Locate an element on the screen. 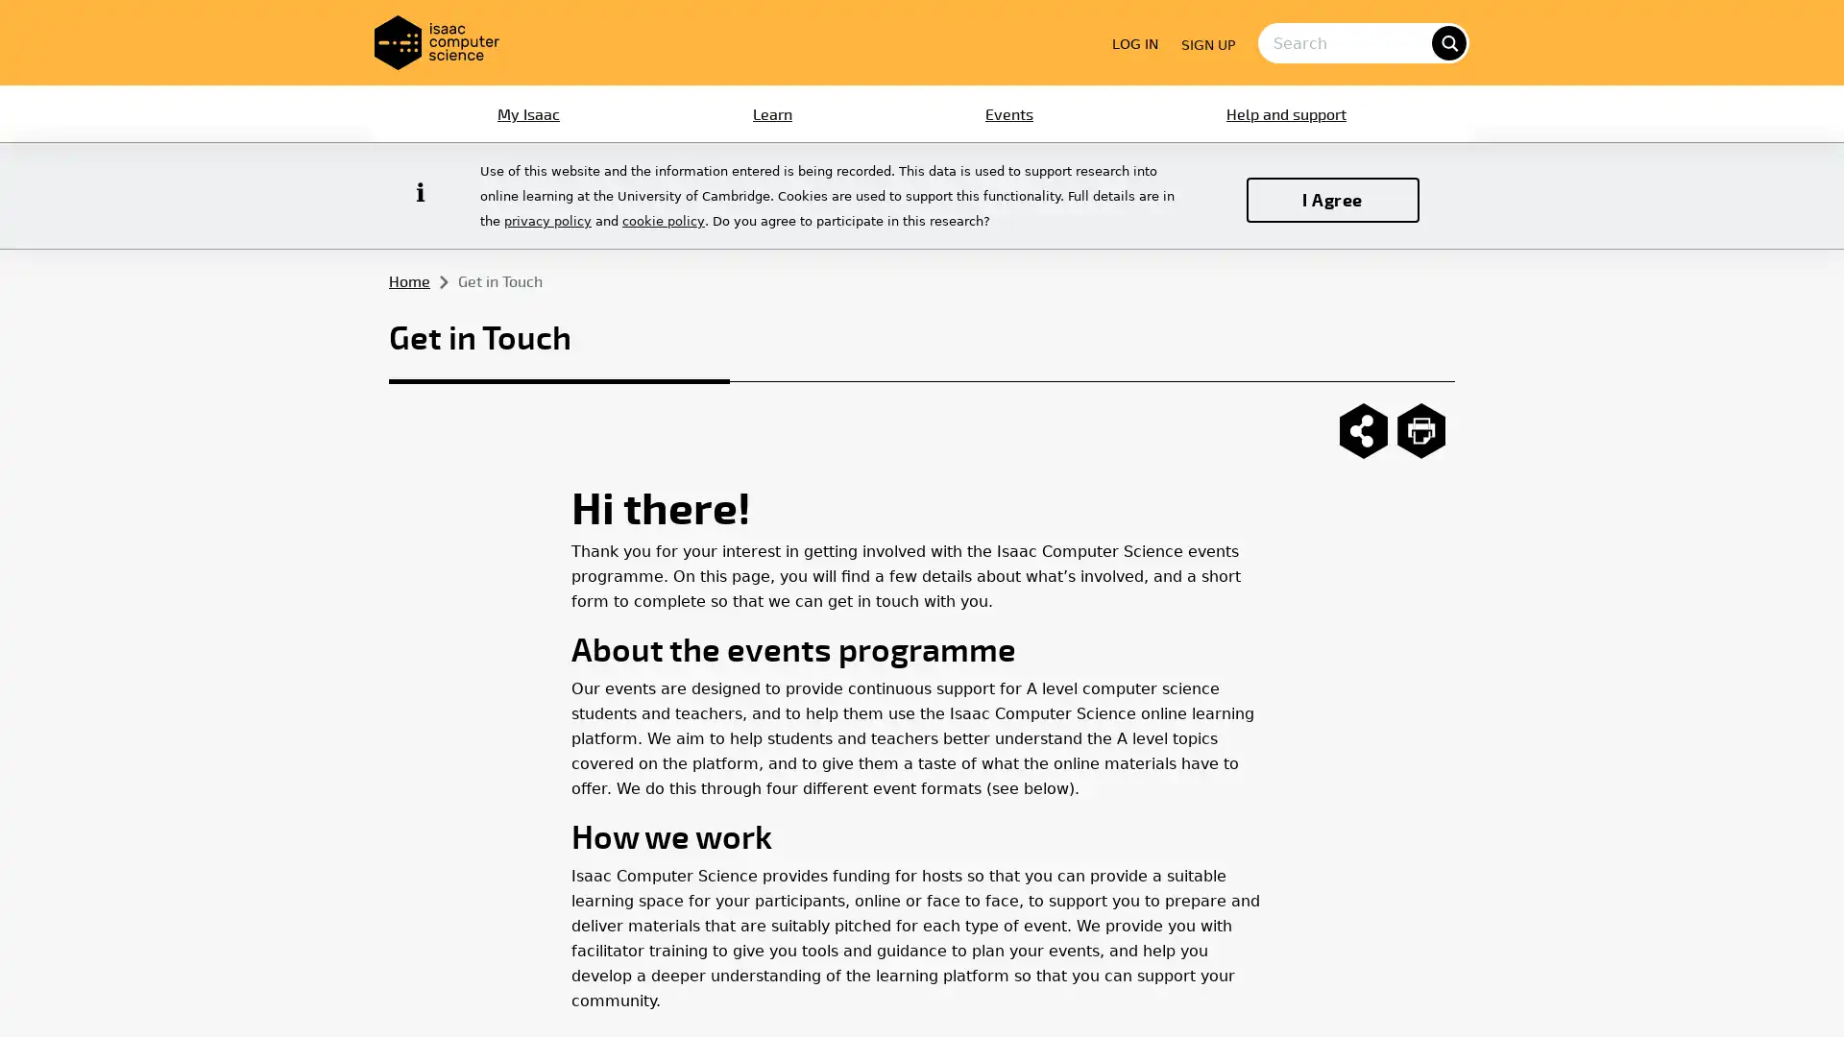  search is located at coordinates (1447, 41).